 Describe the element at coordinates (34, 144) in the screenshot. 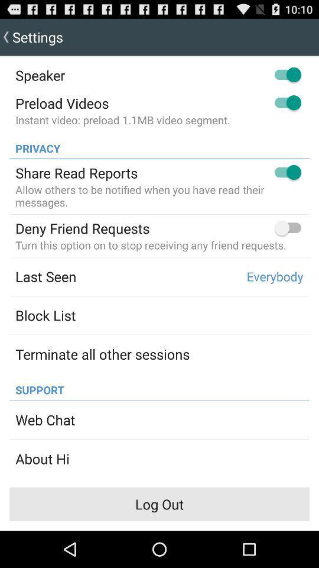

I see `privacy icon` at that location.